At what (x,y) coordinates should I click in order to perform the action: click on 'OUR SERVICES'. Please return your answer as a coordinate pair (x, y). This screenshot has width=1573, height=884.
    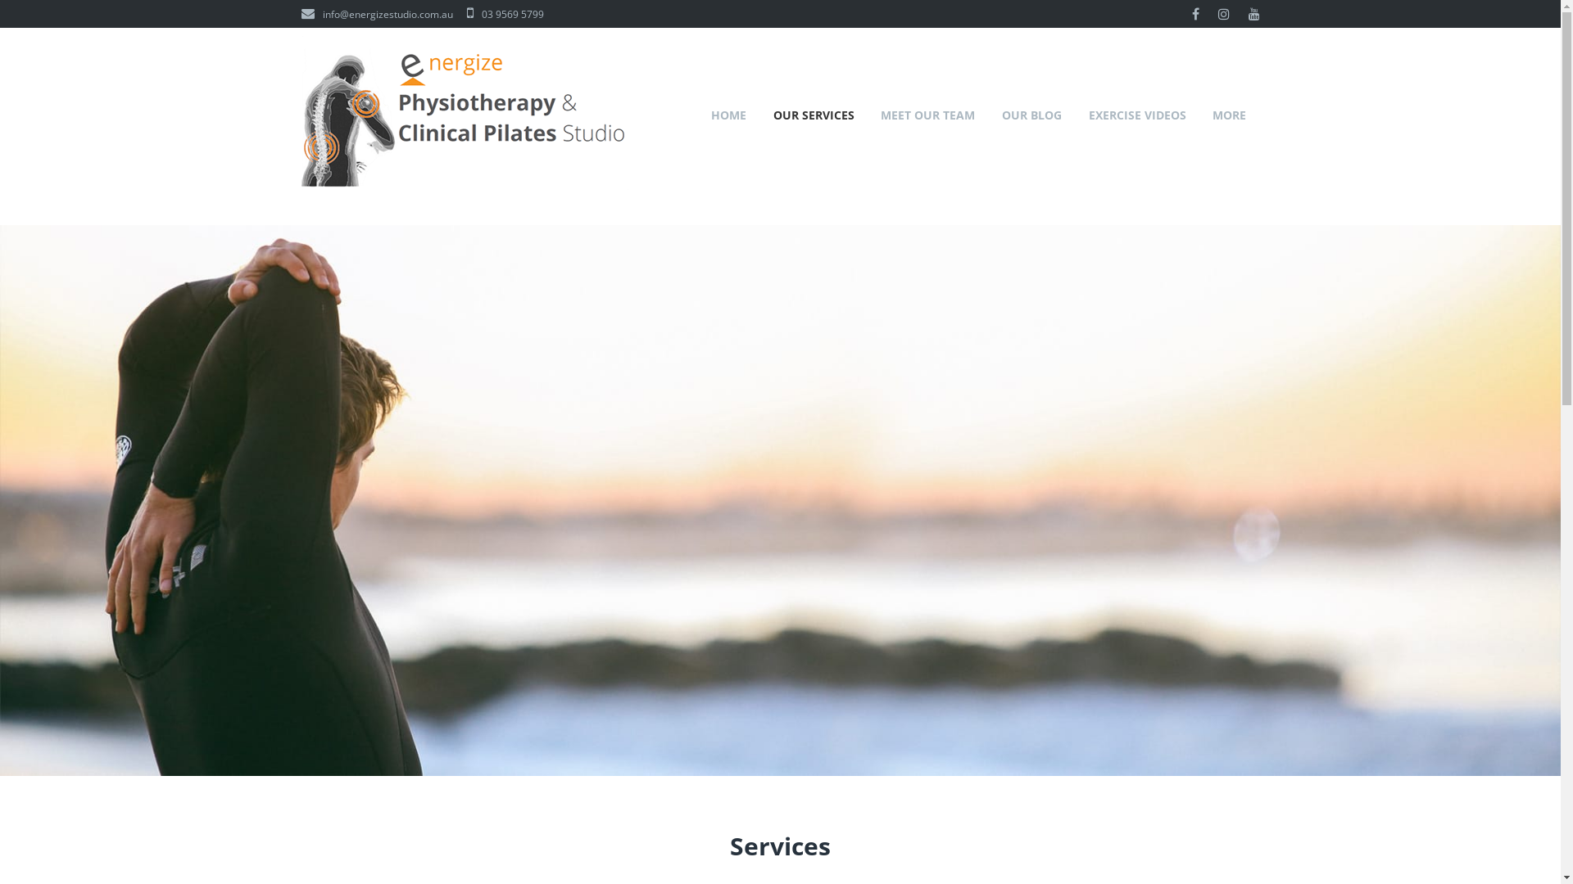
    Looking at the image, I should click on (814, 113).